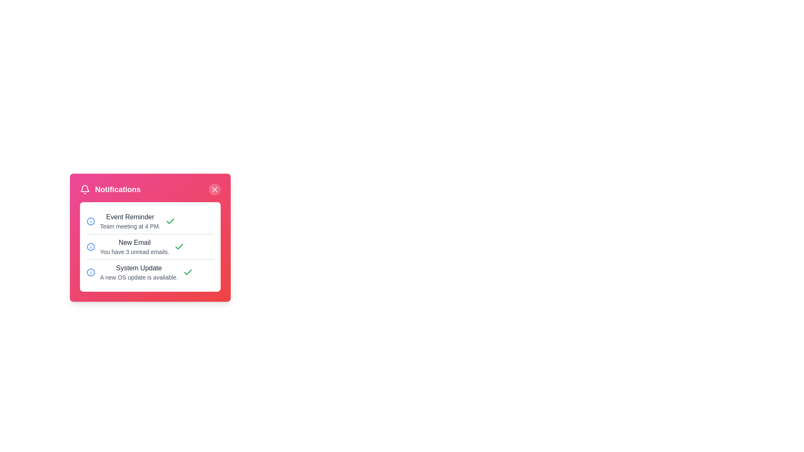 The width and height of the screenshot is (804, 452). I want to click on the static text field displaying 'You have 3 unread emails.' which is positioned below the 'New Email' title in the second notification entry on the UI card, so click(134, 251).